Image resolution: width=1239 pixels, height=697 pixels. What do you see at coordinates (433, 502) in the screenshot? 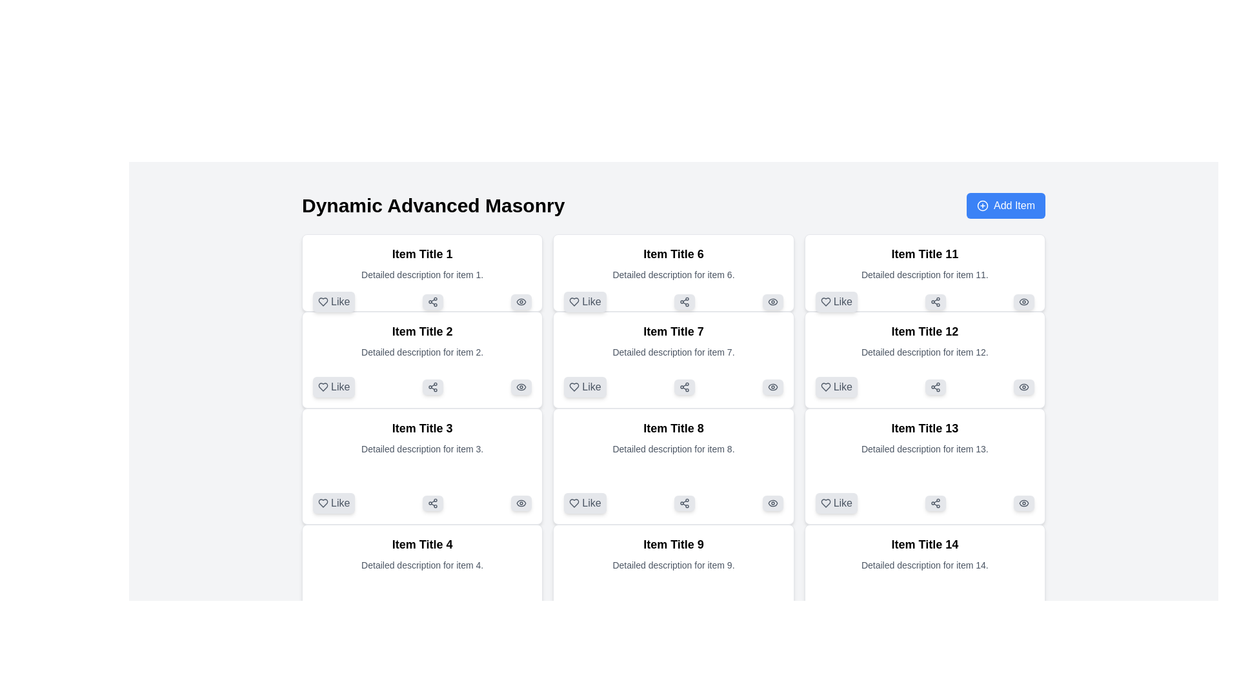
I see `the share button located at the bottom-right corner of the 'Item Title 3' card in the masonry grid layout` at bounding box center [433, 502].